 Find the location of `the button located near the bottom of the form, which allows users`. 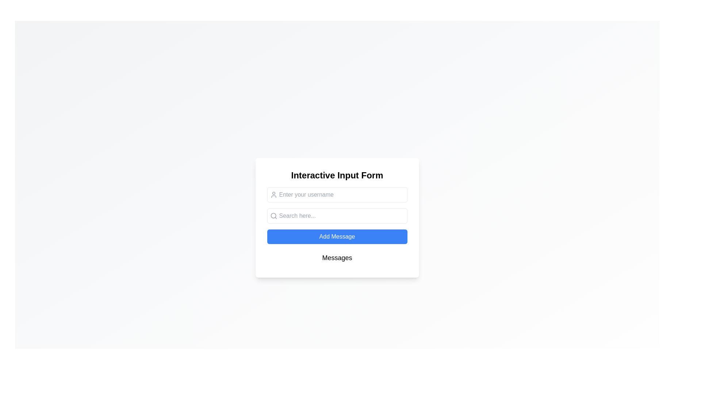

the button located near the bottom of the form, which allows users is located at coordinates (337, 236).